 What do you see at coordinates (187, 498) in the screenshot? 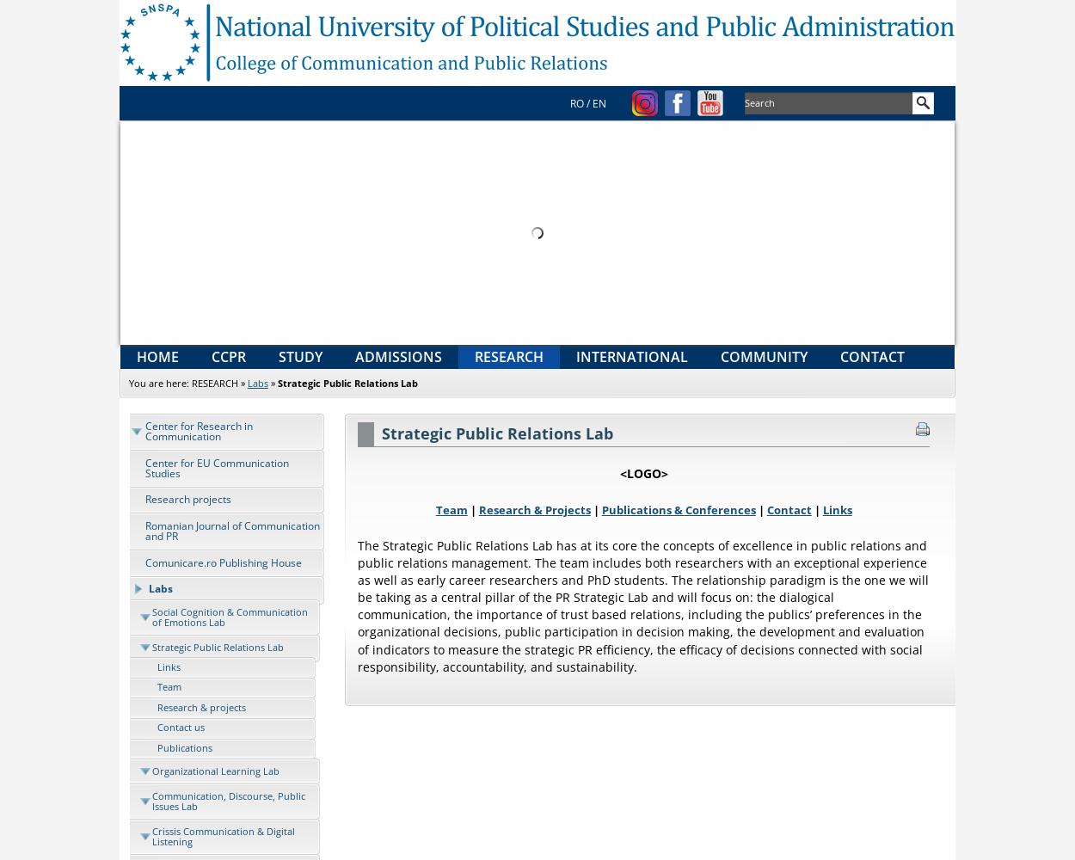
I see `'Research projects'` at bounding box center [187, 498].